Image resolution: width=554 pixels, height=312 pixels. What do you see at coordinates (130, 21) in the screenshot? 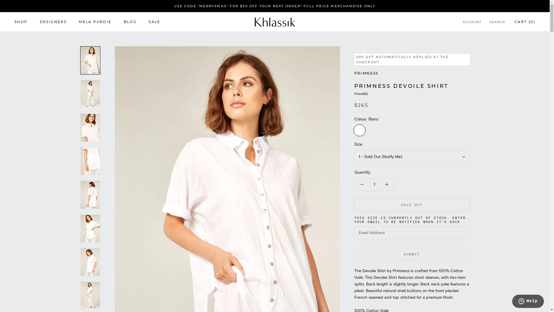
I see `'BLOG` at bounding box center [130, 21].